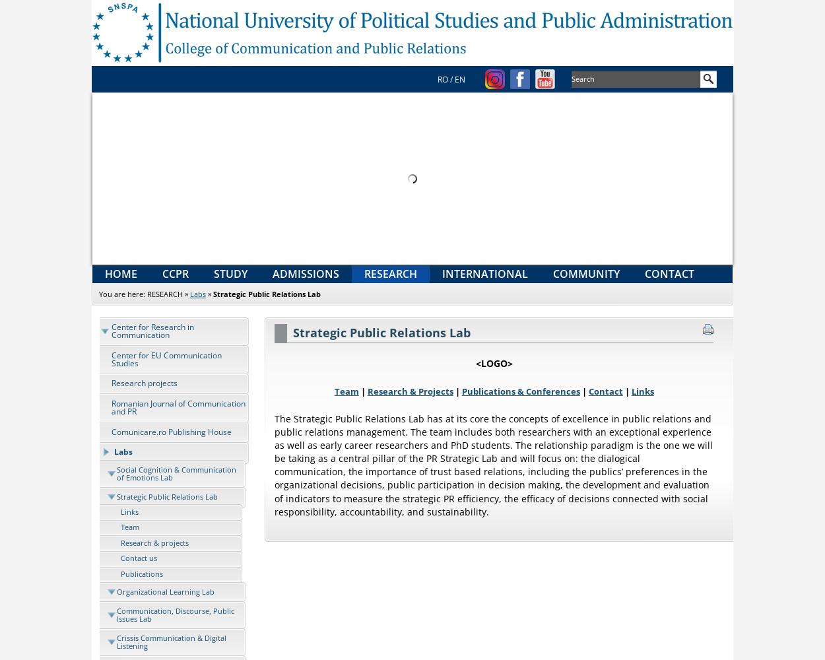  What do you see at coordinates (409, 390) in the screenshot?
I see `'Research & Projects'` at bounding box center [409, 390].